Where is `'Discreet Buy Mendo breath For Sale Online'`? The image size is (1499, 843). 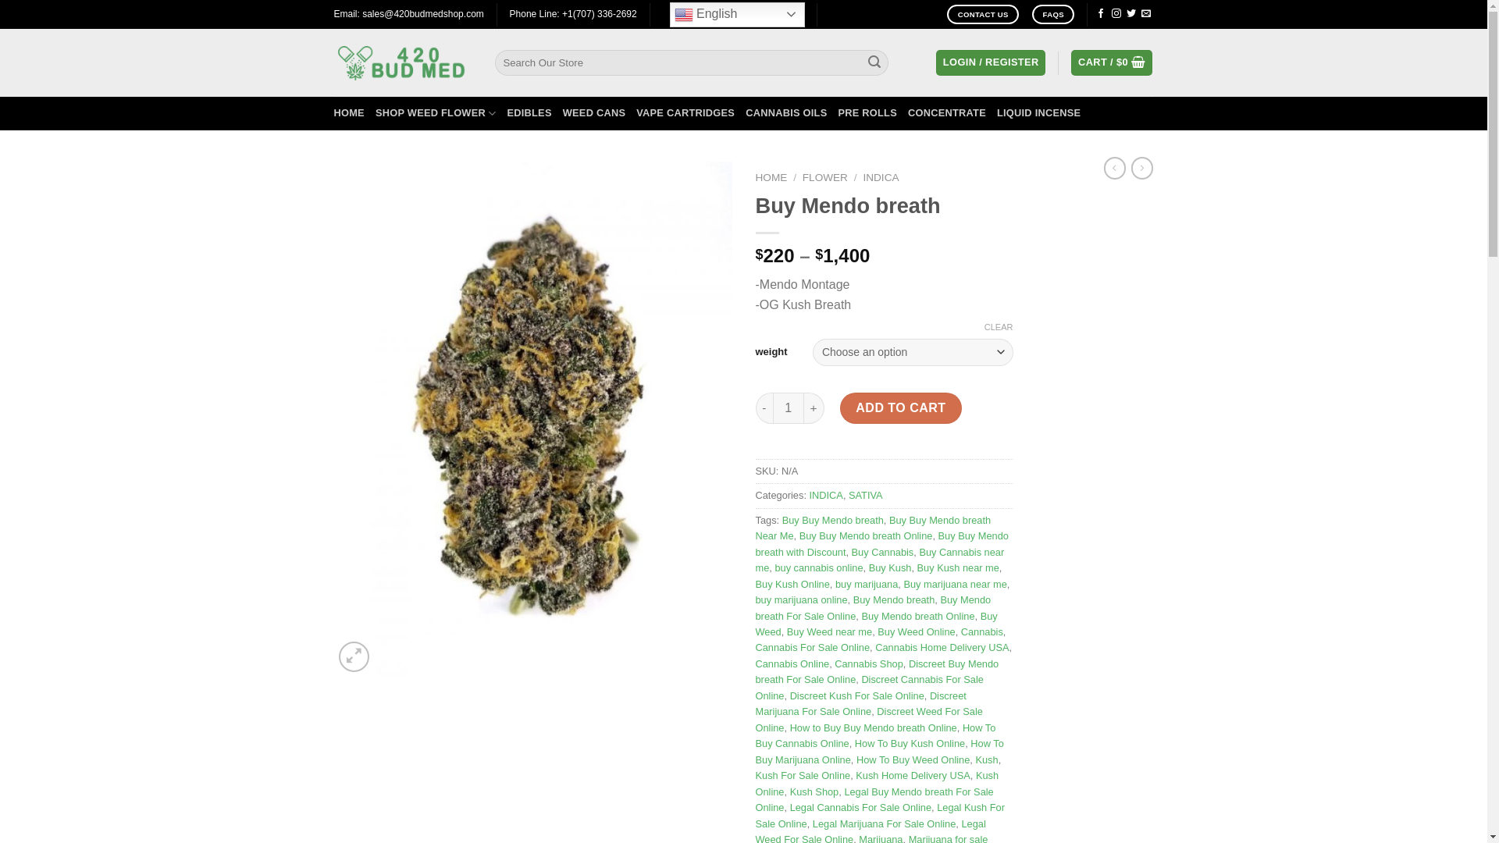
'Discreet Buy Mendo breath For Sale Online' is located at coordinates (877, 670).